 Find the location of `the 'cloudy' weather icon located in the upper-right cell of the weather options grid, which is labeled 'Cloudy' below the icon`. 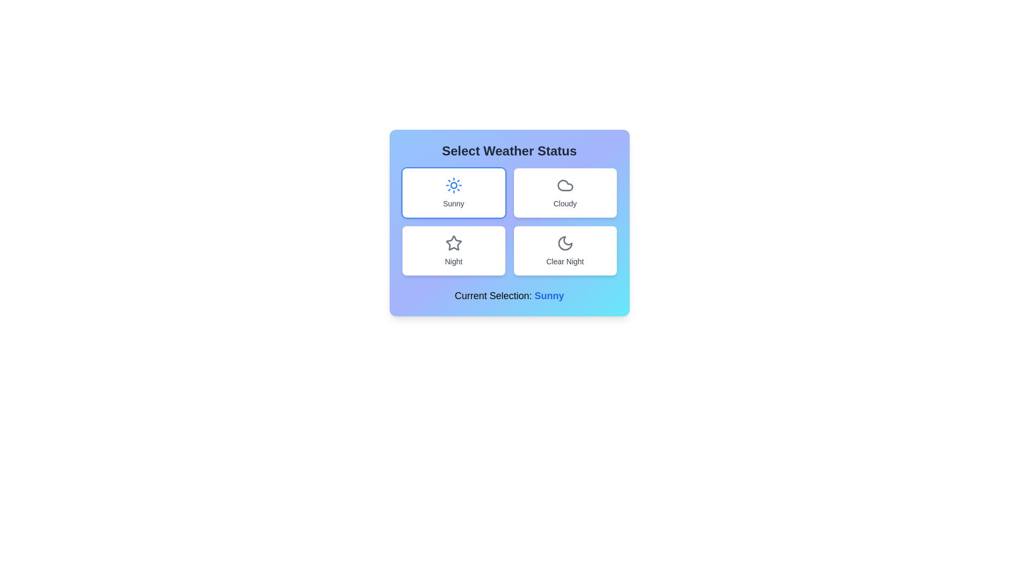

the 'cloudy' weather icon located in the upper-right cell of the weather options grid, which is labeled 'Cloudy' below the icon is located at coordinates (564, 185).